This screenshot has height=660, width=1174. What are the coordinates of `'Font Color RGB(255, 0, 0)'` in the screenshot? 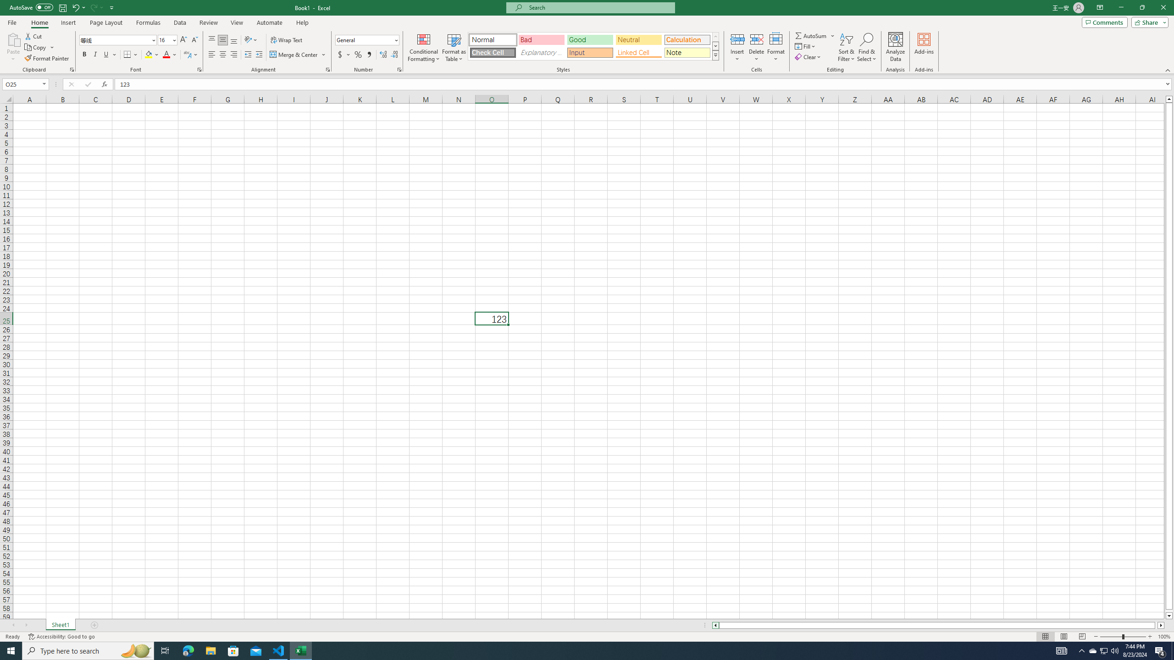 It's located at (166, 54).